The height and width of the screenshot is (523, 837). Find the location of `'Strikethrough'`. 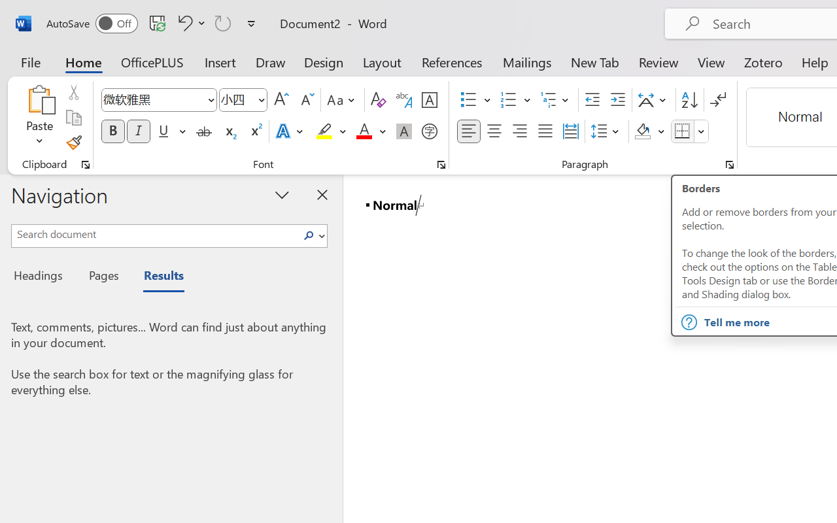

'Strikethrough' is located at coordinates (203, 131).